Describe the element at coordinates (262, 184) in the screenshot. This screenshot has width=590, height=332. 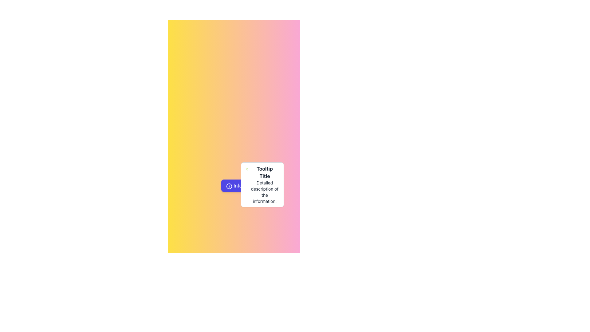
I see `the tooltip containing the title 'Tooltip Title' and description 'Detailed description of the information.' which appears above the 'Info' button` at that location.